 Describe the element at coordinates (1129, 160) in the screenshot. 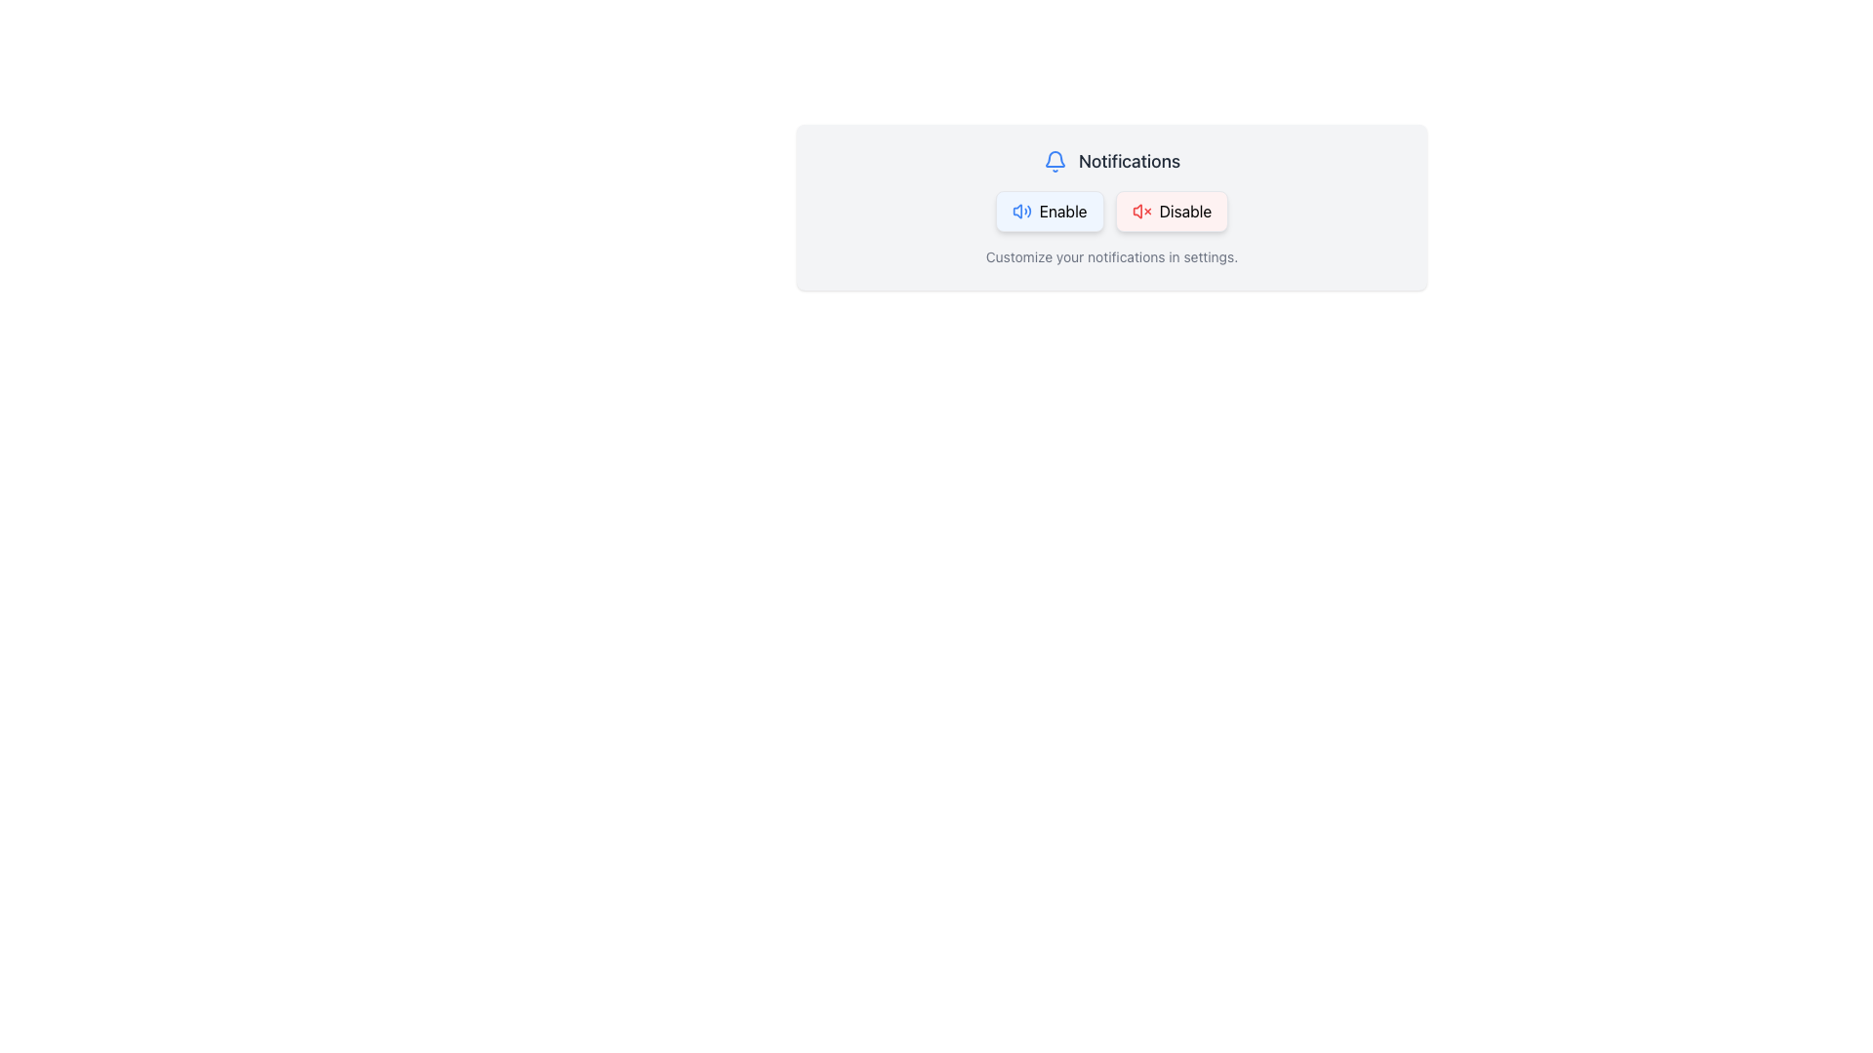

I see `the 'Notifications' text label, which is styled in bold dark gray and positioned near a bell icon` at that location.